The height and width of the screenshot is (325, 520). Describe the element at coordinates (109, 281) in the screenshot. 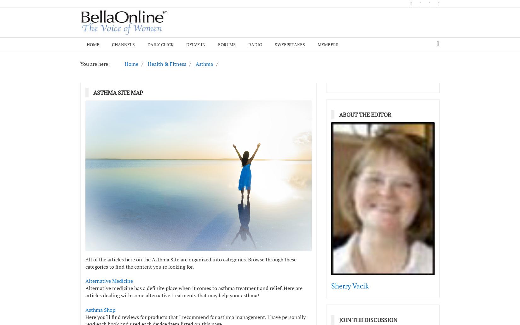

I see `'Alternative Medicine'` at that location.